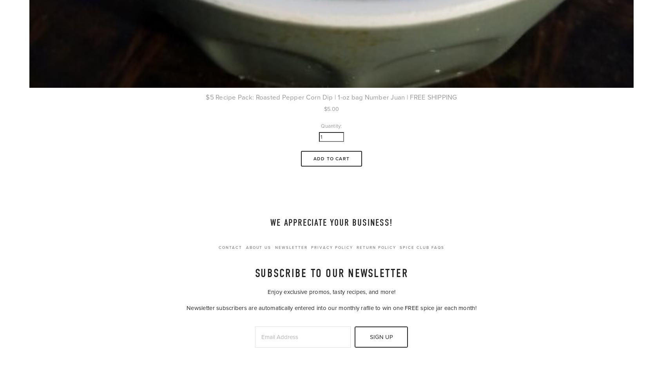 The width and height of the screenshot is (663, 388). I want to click on '$5 Recipe Pack: Roasted Pepper Corn Dip | 1-oz bag Number Juan | FREE SHIPPING', so click(331, 97).